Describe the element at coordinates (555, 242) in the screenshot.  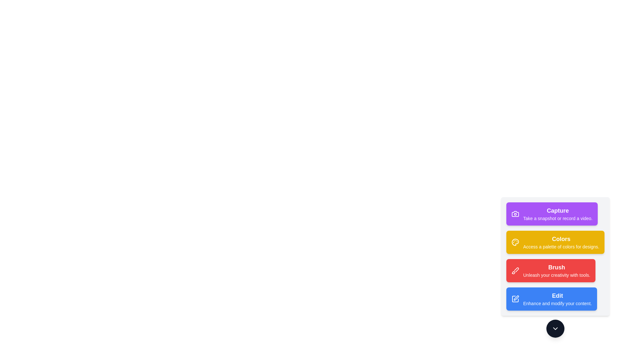
I see `the tool button corresponding to Colors` at that location.